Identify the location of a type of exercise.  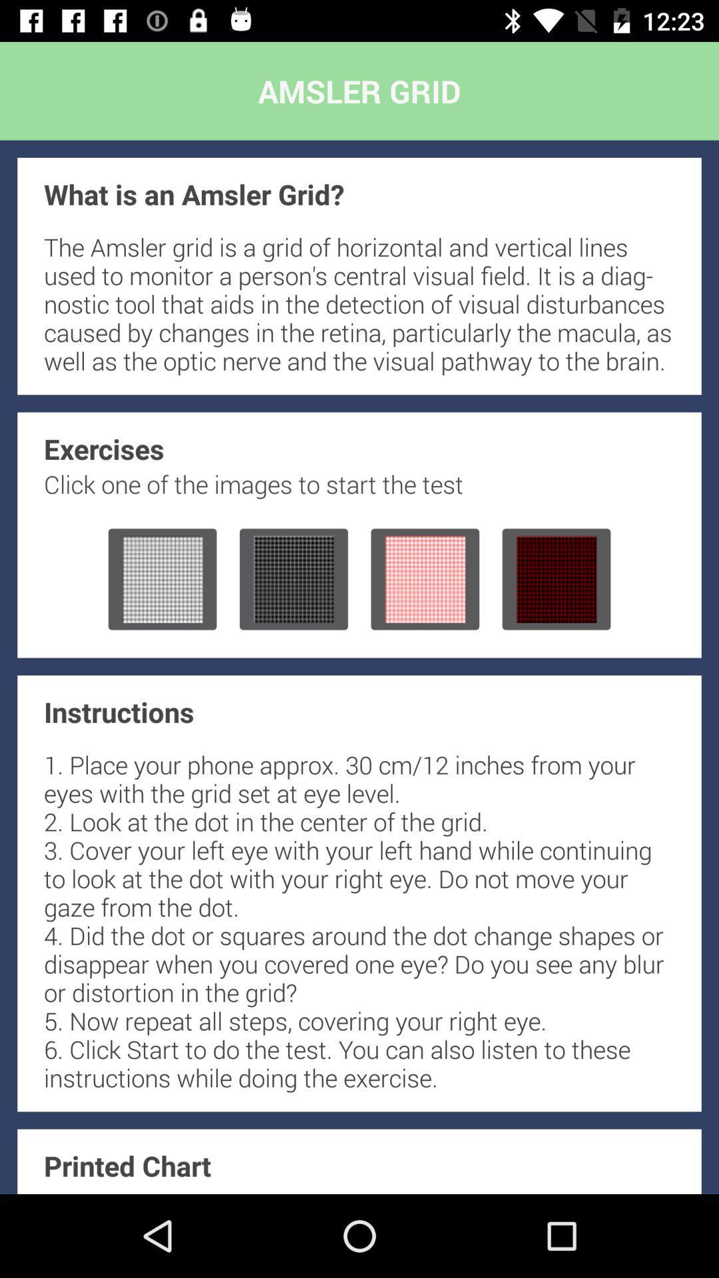
(293, 579).